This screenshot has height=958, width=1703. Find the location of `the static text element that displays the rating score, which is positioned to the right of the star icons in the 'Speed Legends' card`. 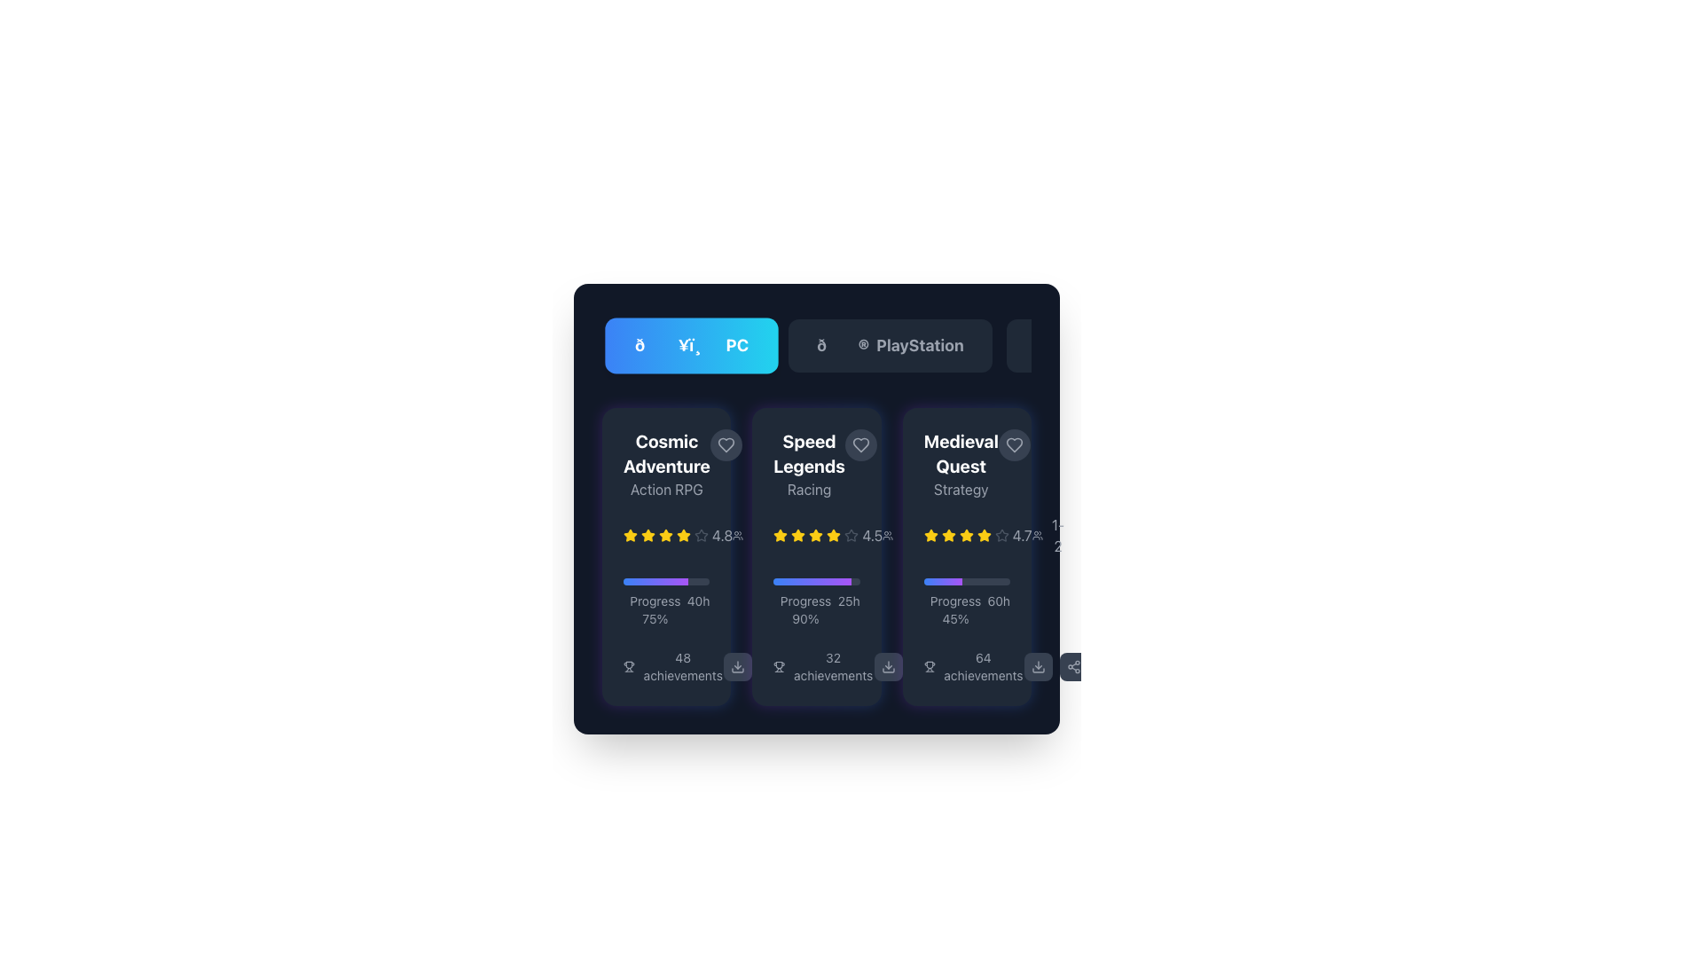

the static text element that displays the rating score, which is positioned to the right of the star icons in the 'Speed Legends' card is located at coordinates (872, 535).